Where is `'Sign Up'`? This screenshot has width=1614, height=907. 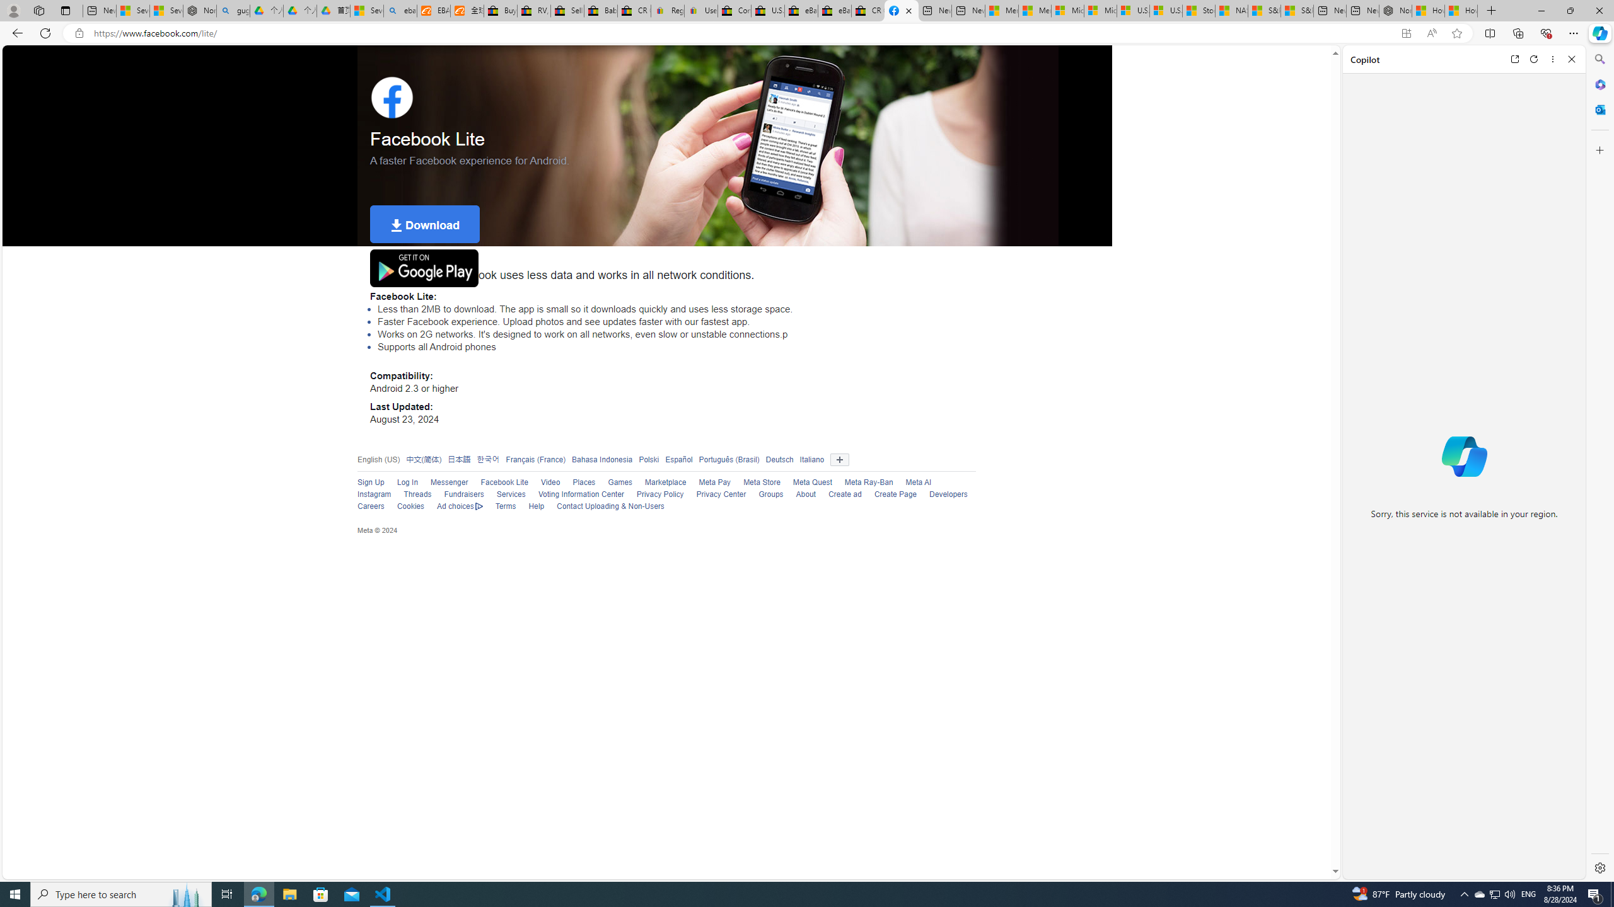
'Sign Up' is located at coordinates (370, 482).